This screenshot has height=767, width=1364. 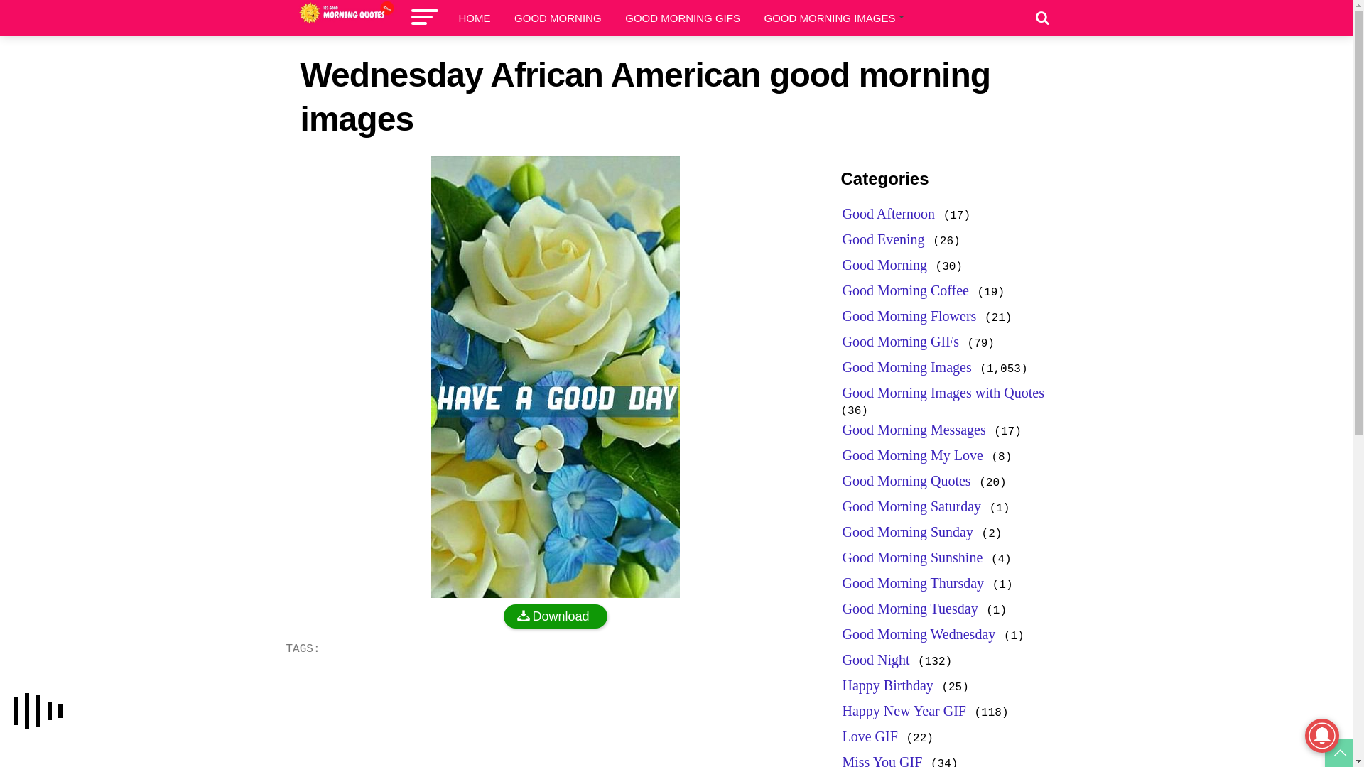 I want to click on 'Good Morning Thursday', so click(x=914, y=583).